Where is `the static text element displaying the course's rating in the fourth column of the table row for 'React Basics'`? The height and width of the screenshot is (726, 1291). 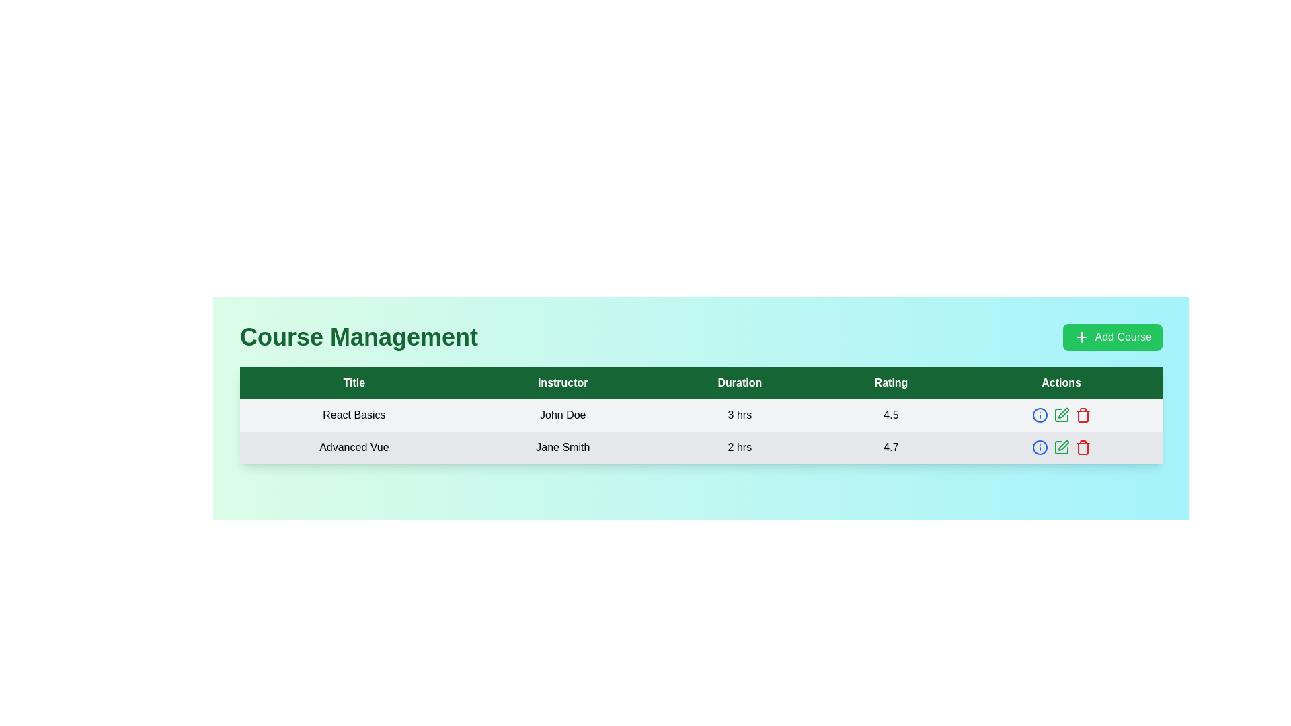
the static text element displaying the course's rating in the fourth column of the table row for 'React Basics' is located at coordinates (891, 414).